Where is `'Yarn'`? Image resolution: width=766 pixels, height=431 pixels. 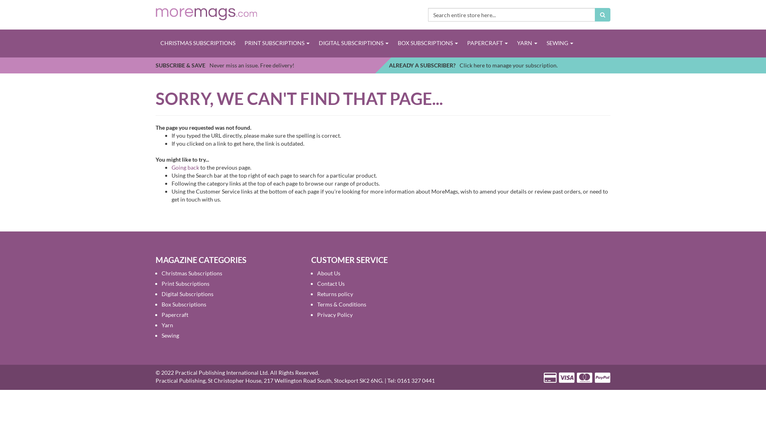 'Yarn' is located at coordinates (161, 325).